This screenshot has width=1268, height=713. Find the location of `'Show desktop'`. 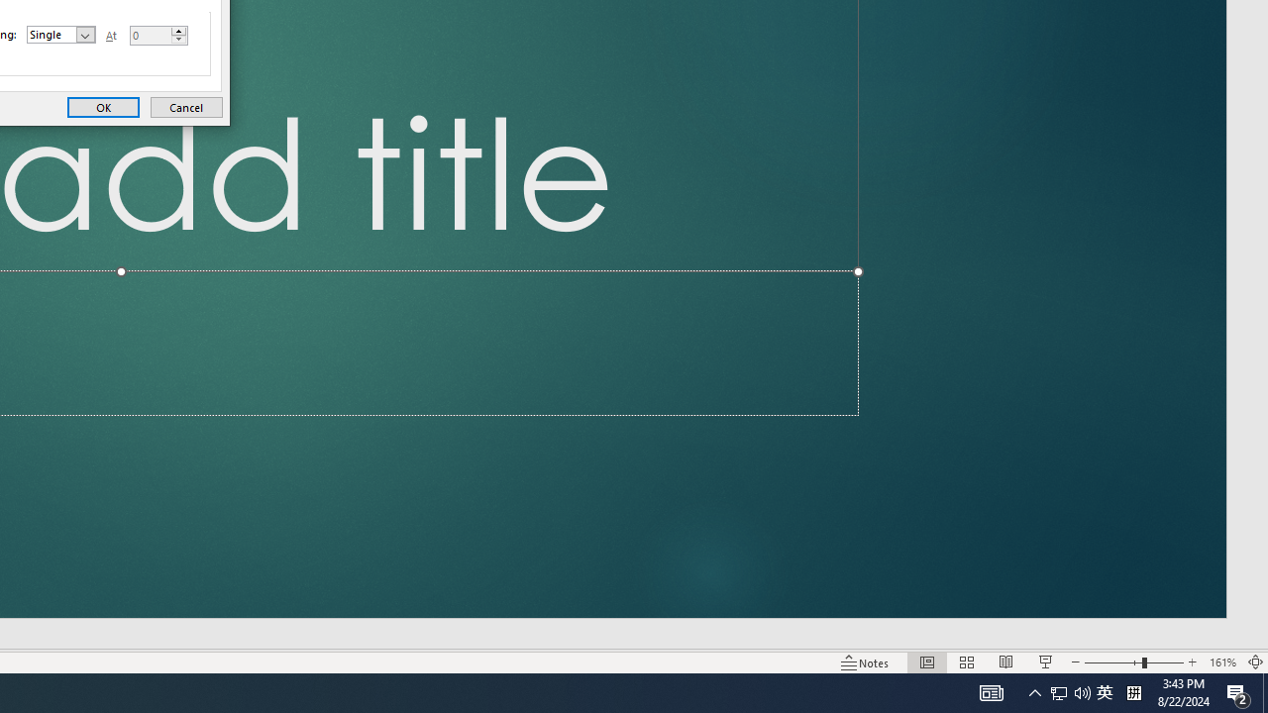

'Show desktop' is located at coordinates (1264, 691).